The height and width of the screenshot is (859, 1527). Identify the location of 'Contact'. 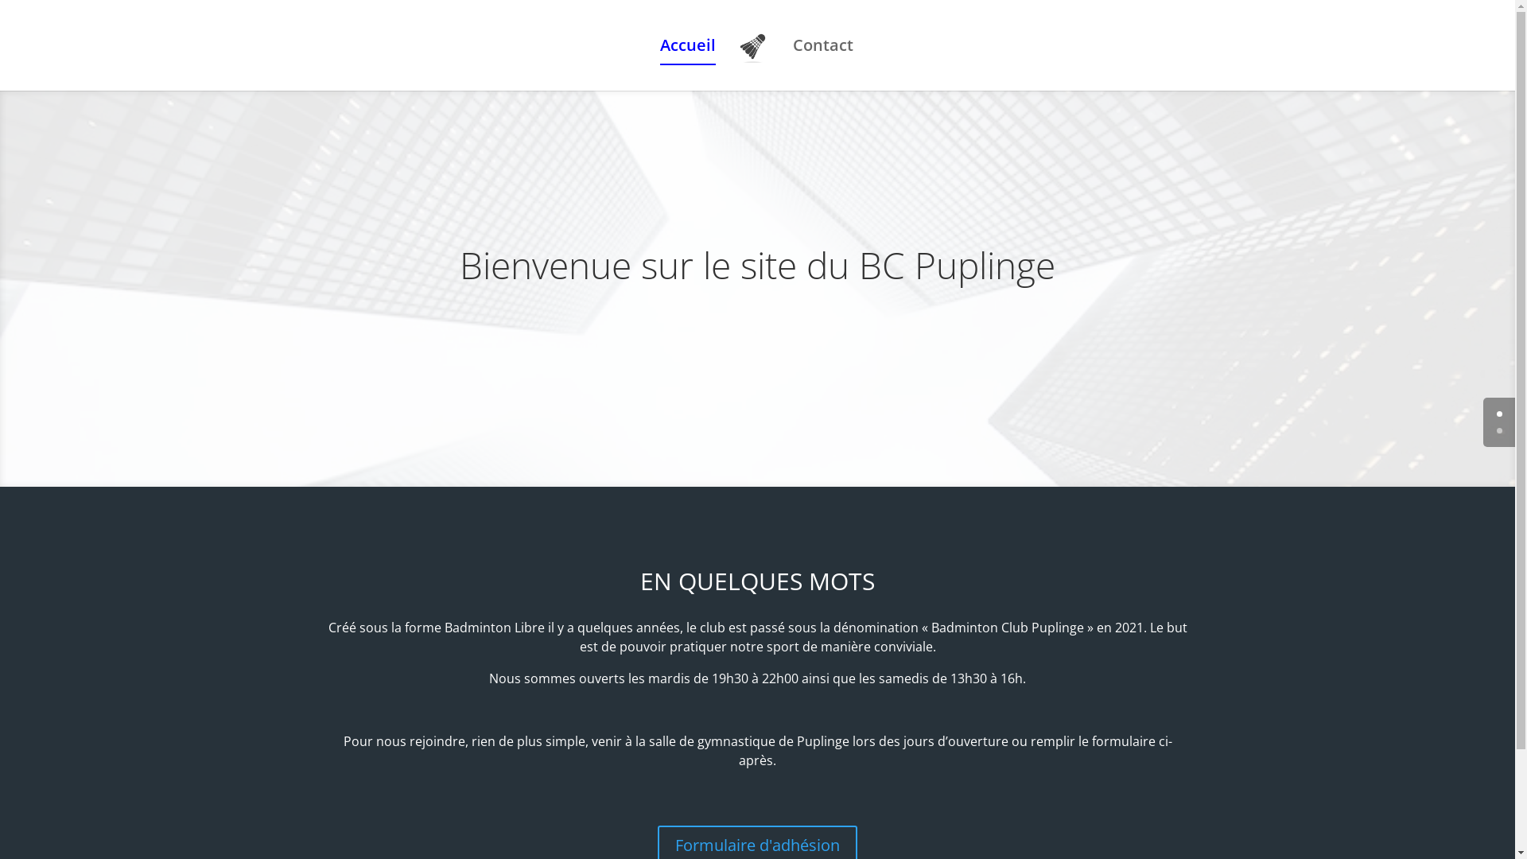
(823, 64).